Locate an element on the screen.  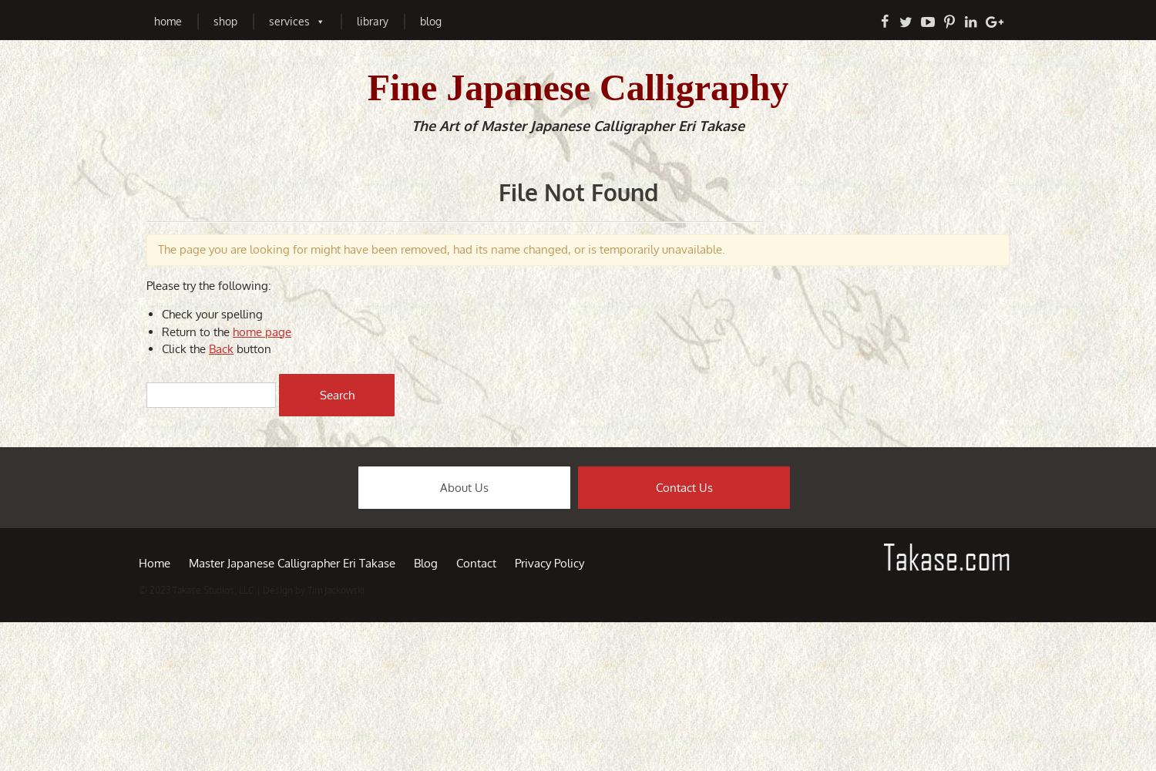
'Anniversary Gifts' is located at coordinates (727, 42).